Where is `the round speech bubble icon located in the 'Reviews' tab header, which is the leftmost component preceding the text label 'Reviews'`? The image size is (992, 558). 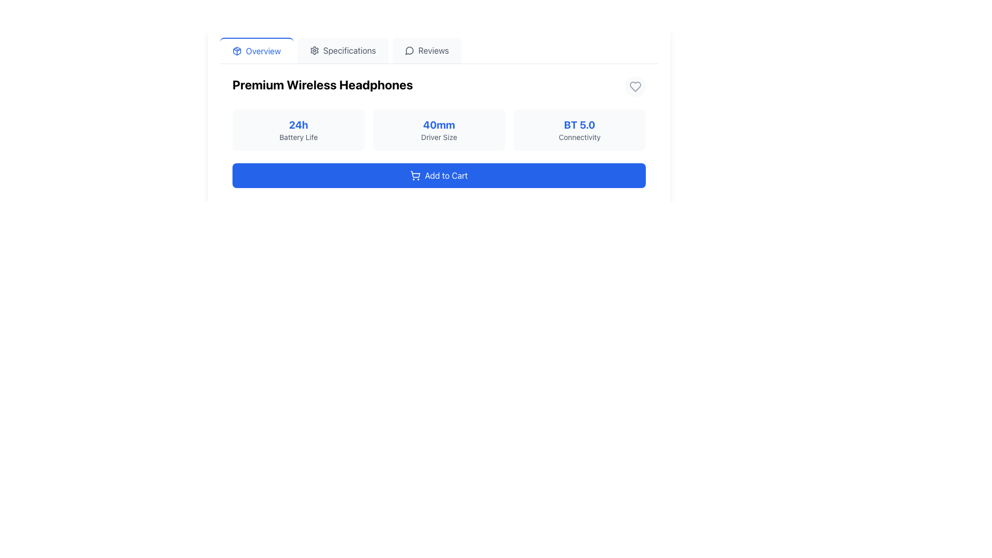
the round speech bubble icon located in the 'Reviews' tab header, which is the leftmost component preceding the text label 'Reviews' is located at coordinates (409, 50).